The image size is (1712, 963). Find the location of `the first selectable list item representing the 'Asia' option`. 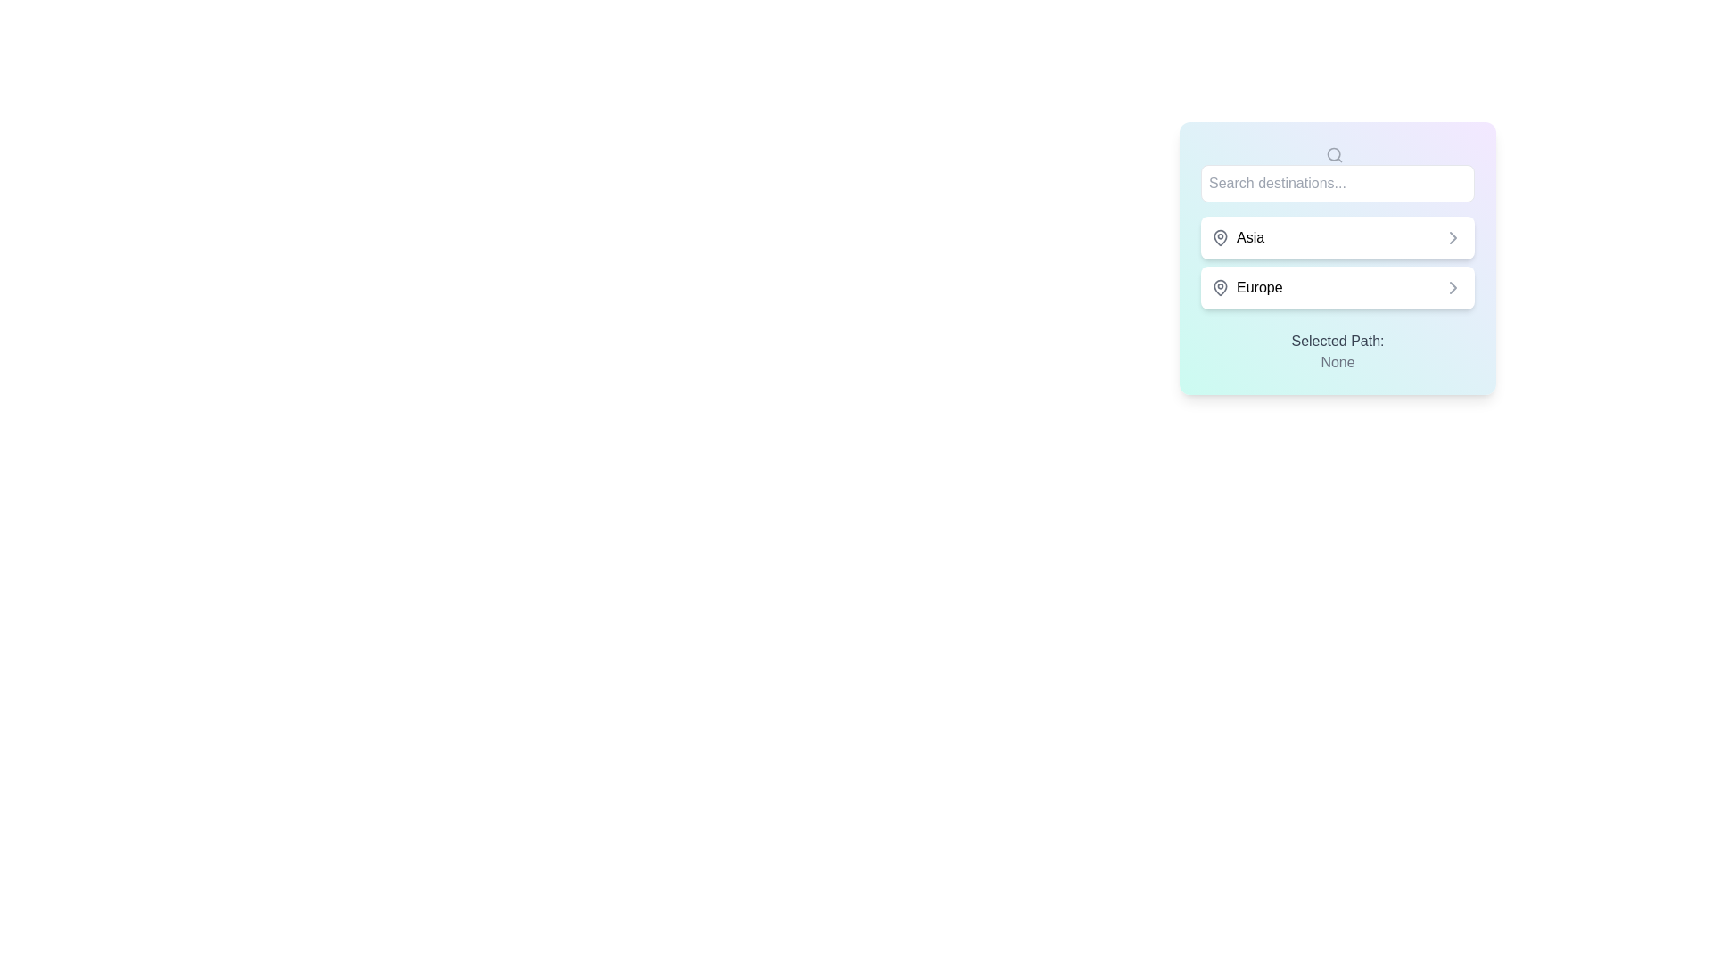

the first selectable list item representing the 'Asia' option is located at coordinates (1337, 236).